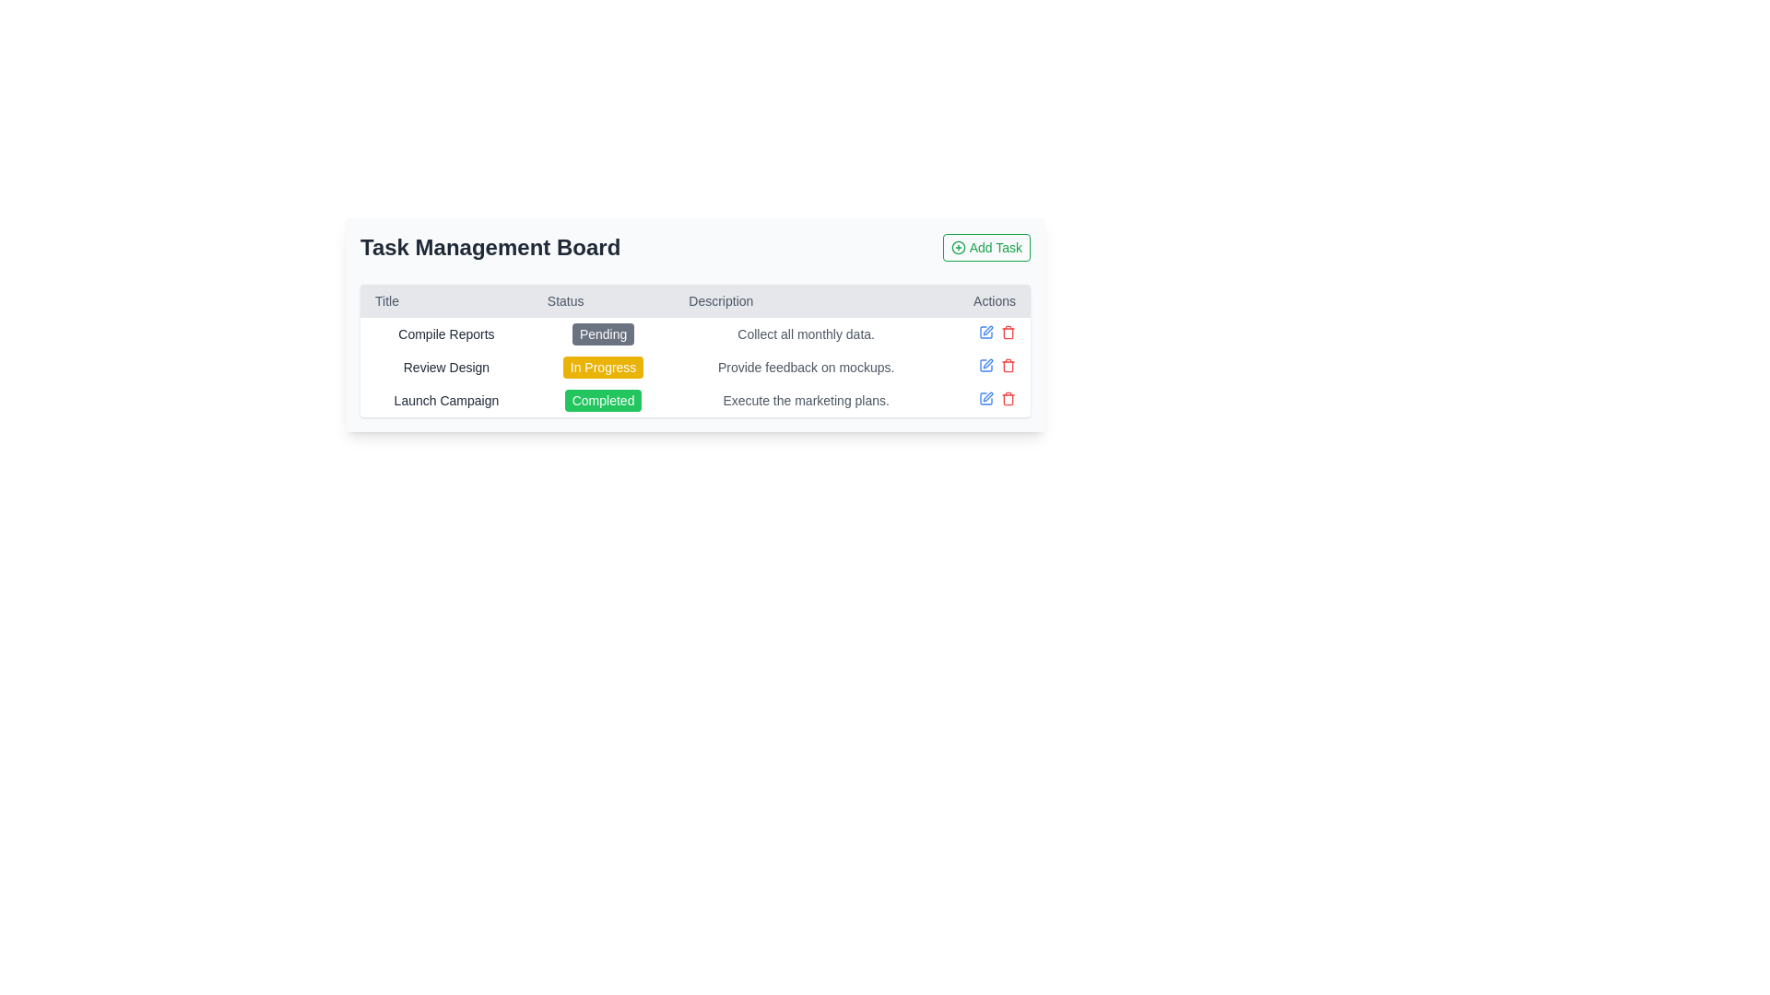 The width and height of the screenshot is (1770, 995). Describe the element at coordinates (446, 400) in the screenshot. I see `the label indicating the title of the task 'Execute the marketing plans' located in the third row under the 'Title' column` at that location.